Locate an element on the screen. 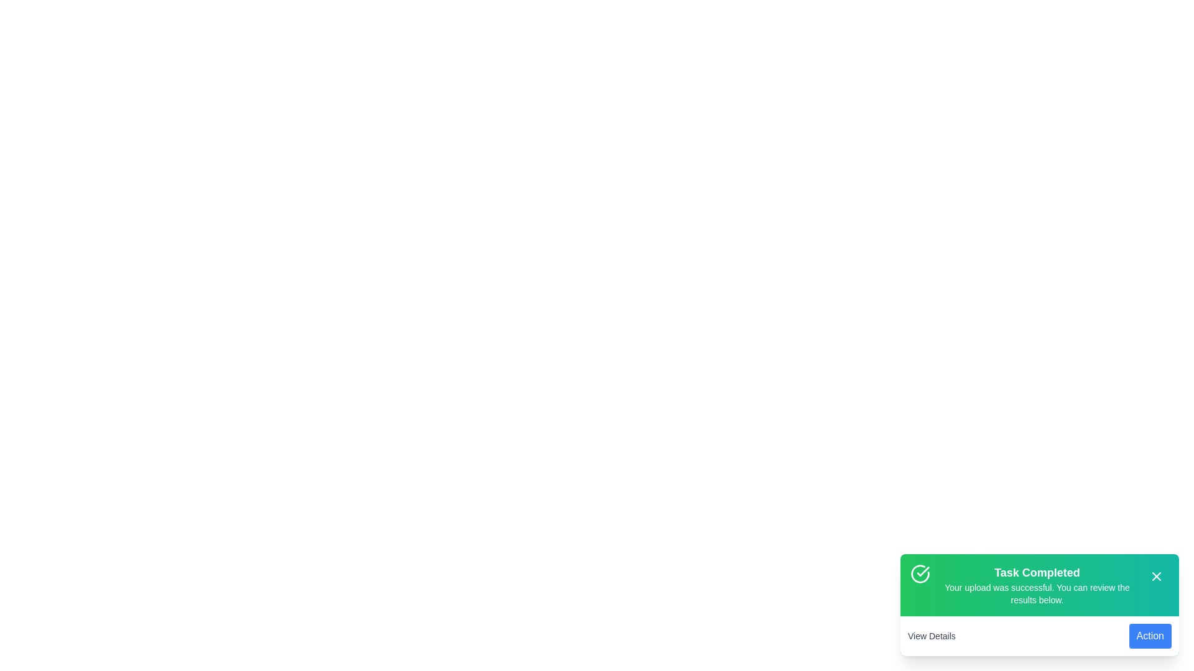 This screenshot has height=671, width=1194. the 'Action' button to execute the secondary action is located at coordinates (1149, 636).